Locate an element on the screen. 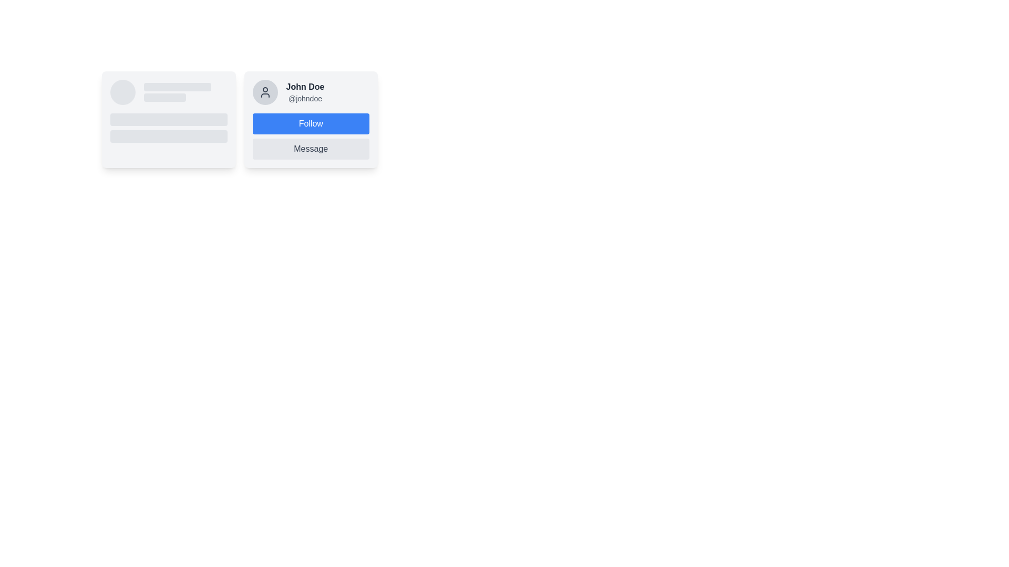 The height and width of the screenshot is (567, 1009). the user avatar icon located inside the circular area at the top left corner of the card component containing the text 'John Doe' and '@johndoe' is located at coordinates (265, 92).